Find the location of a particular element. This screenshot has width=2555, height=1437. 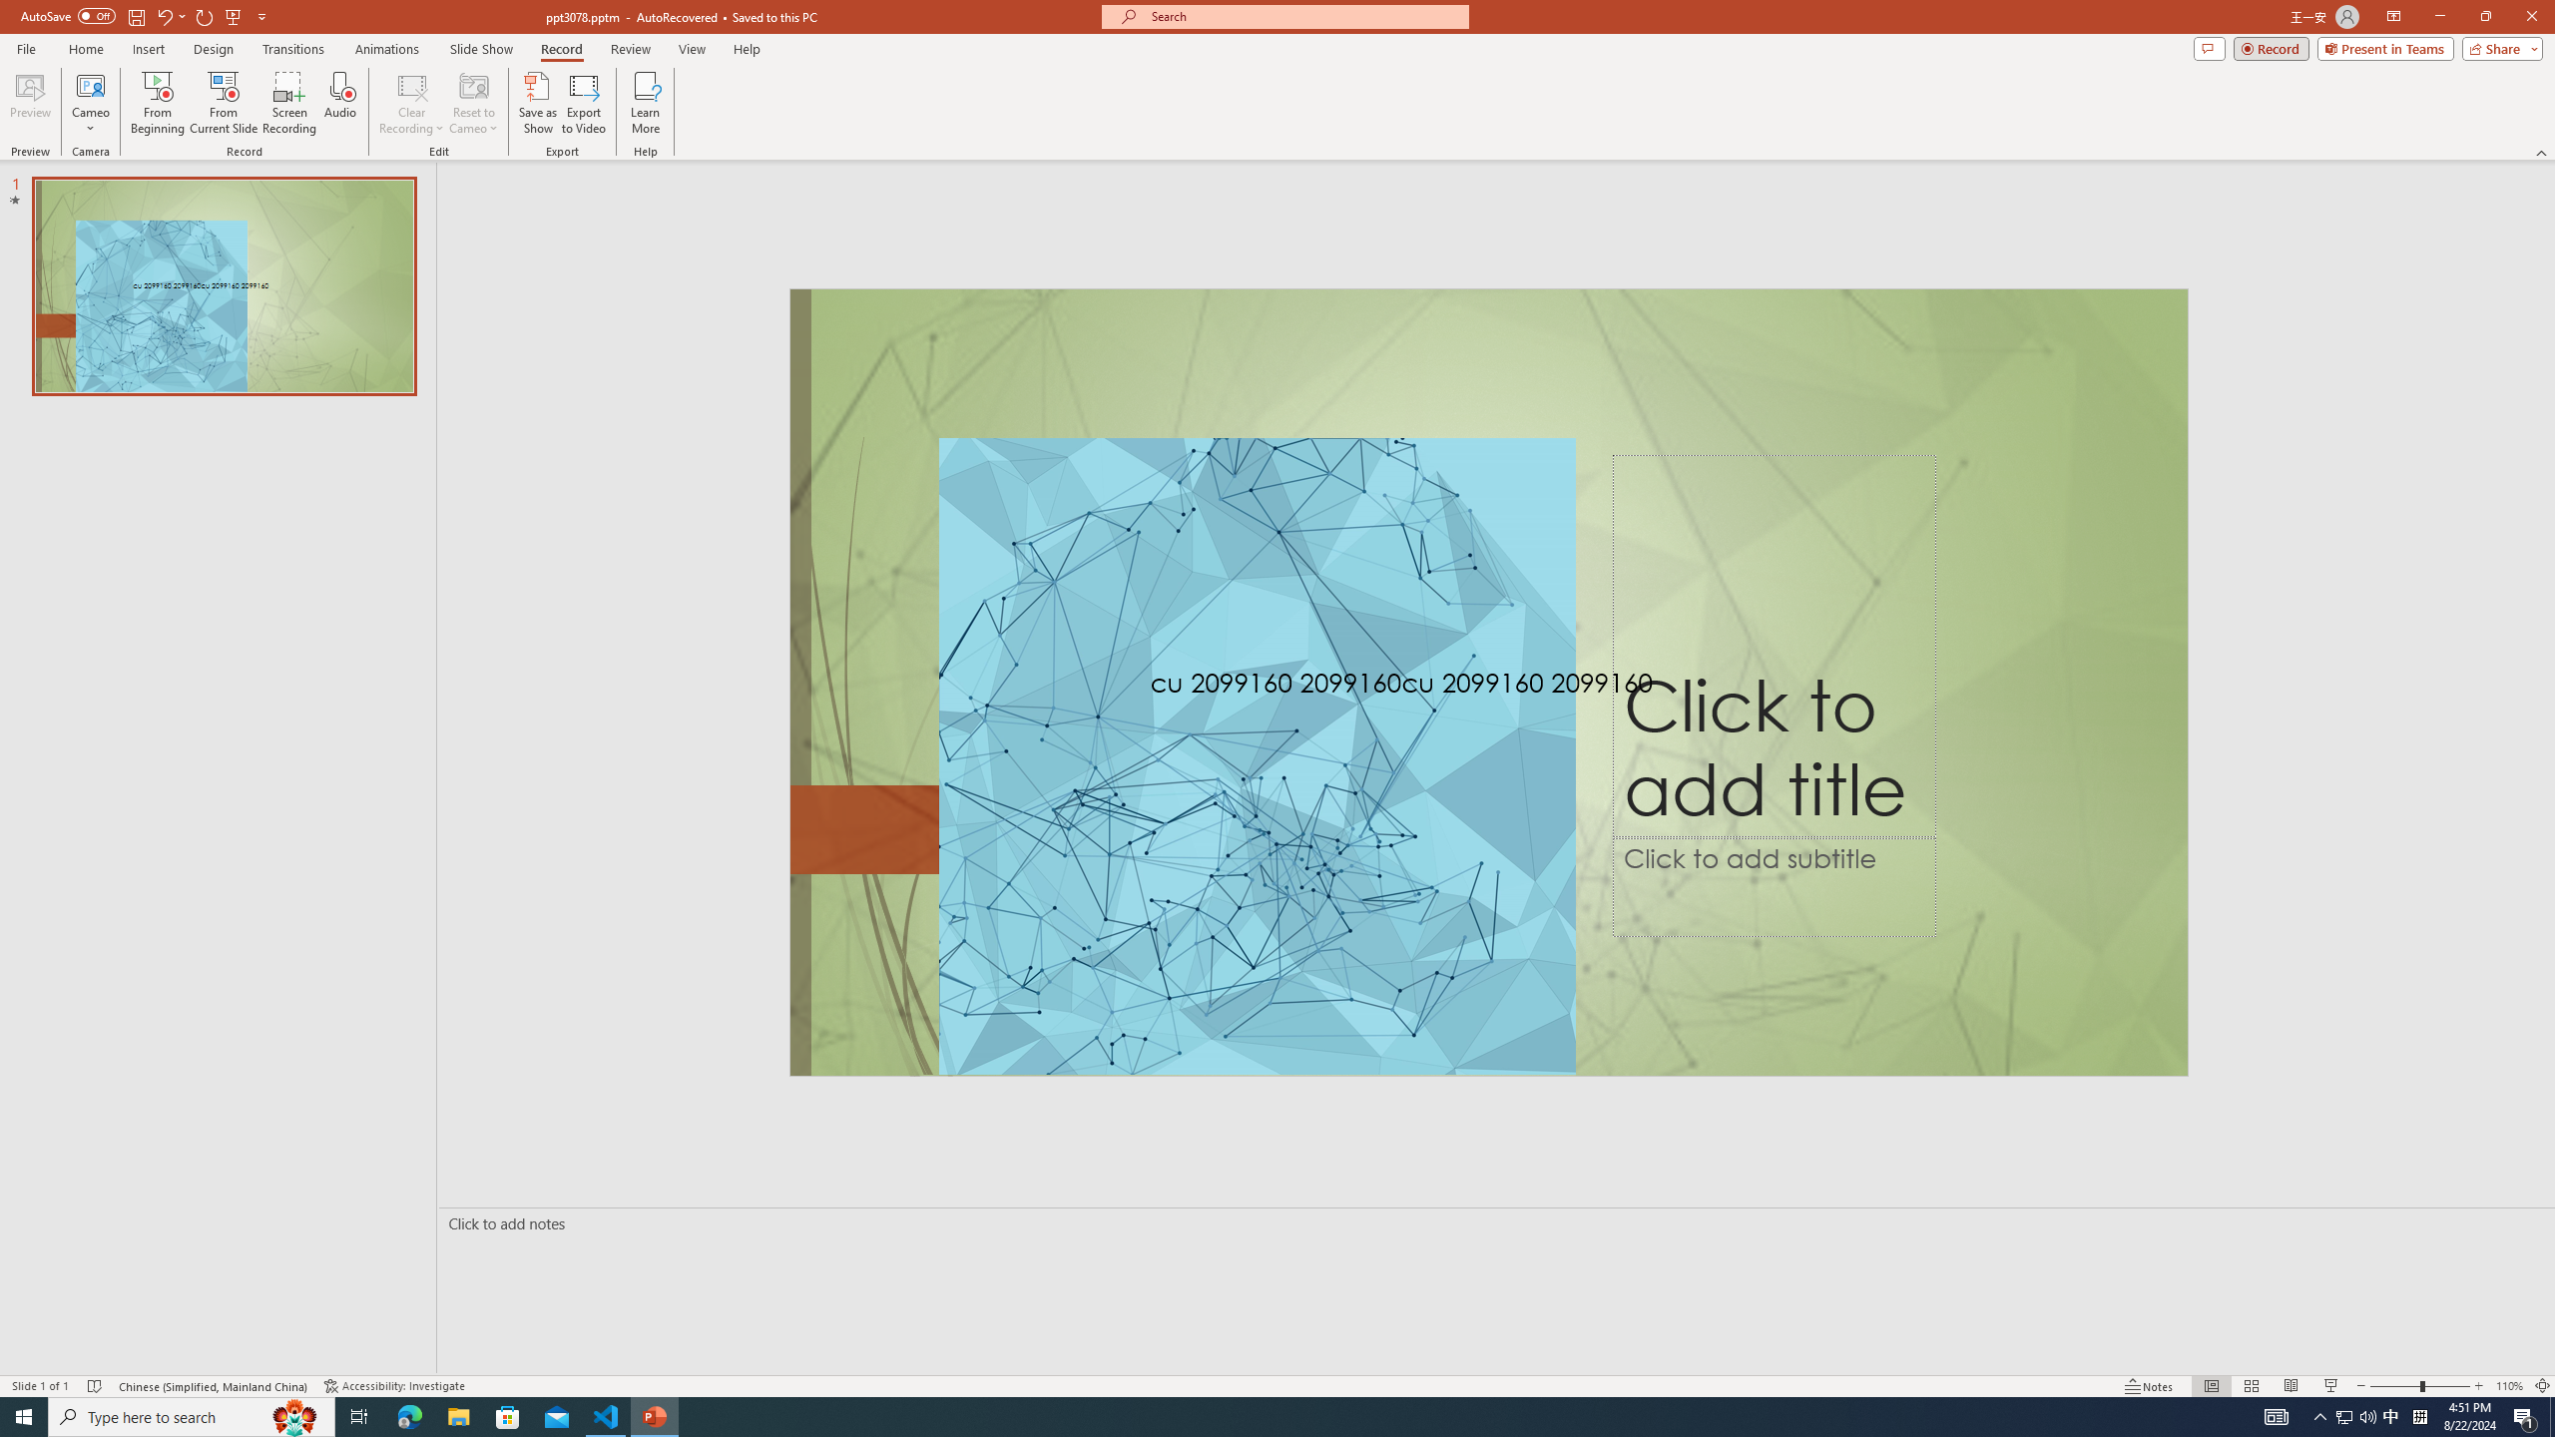

'Normal' is located at coordinates (2210, 1386).